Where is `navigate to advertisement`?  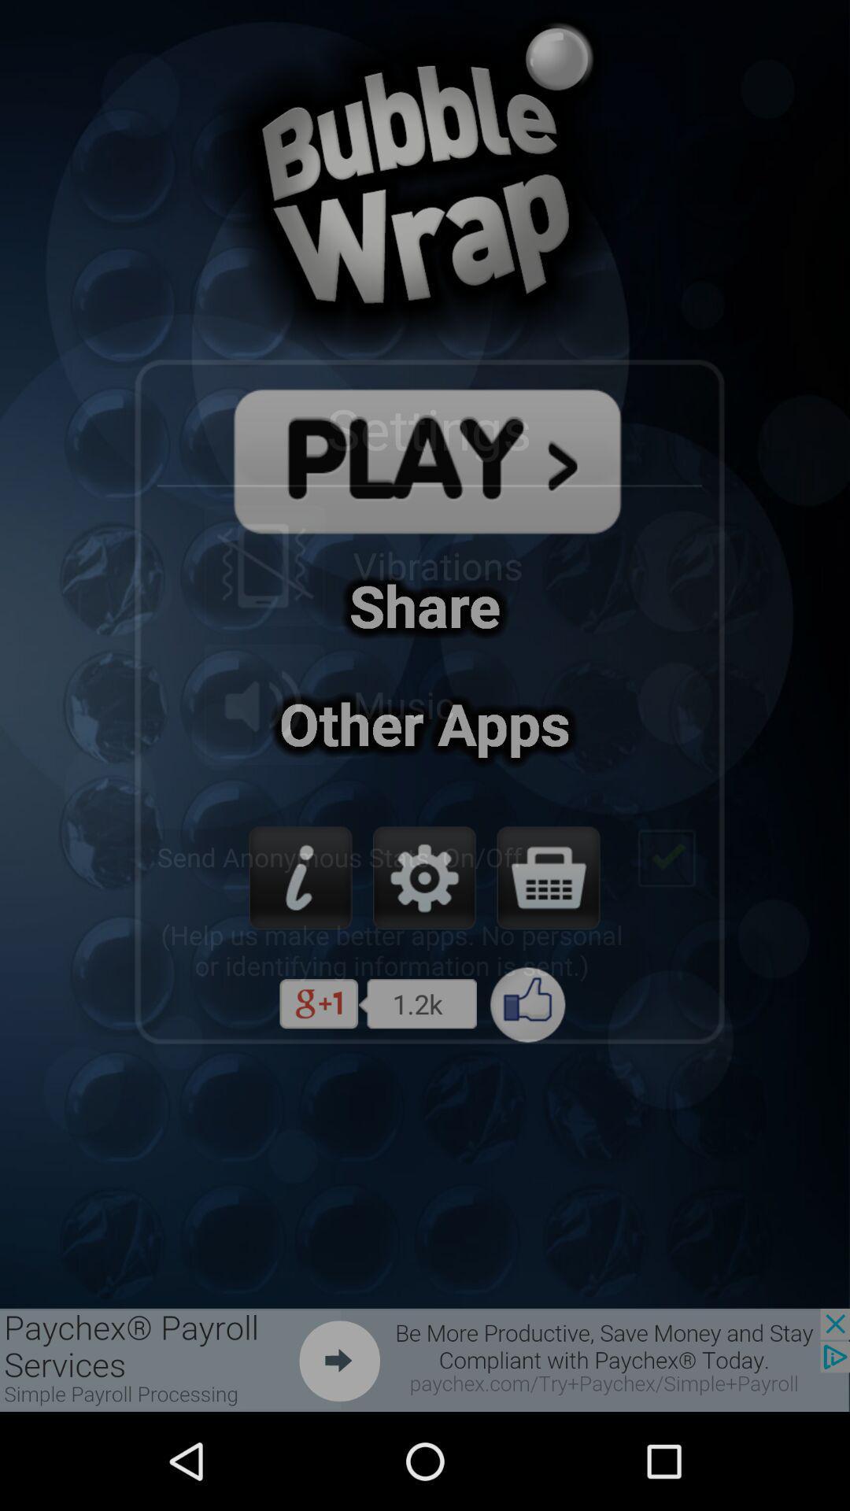 navigate to advertisement is located at coordinates (425, 1359).